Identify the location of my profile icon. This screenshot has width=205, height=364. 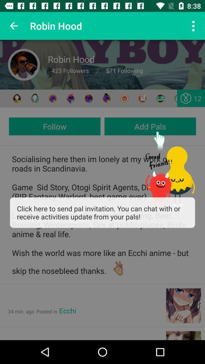
(52, 98).